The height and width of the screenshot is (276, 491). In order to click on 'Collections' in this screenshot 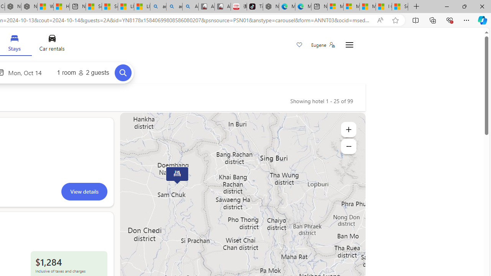, I will do `click(433, 20)`.